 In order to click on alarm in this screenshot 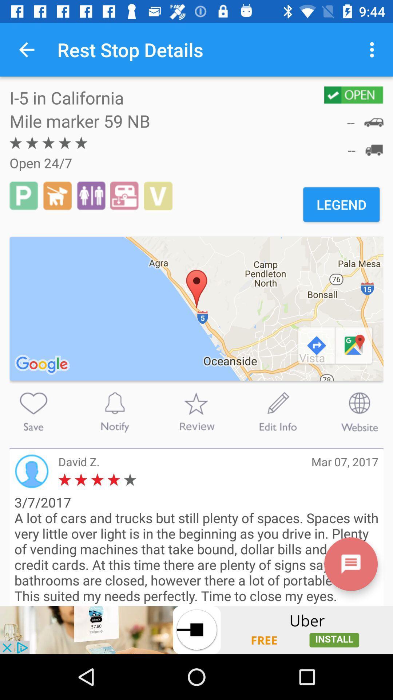, I will do `click(115, 412)`.